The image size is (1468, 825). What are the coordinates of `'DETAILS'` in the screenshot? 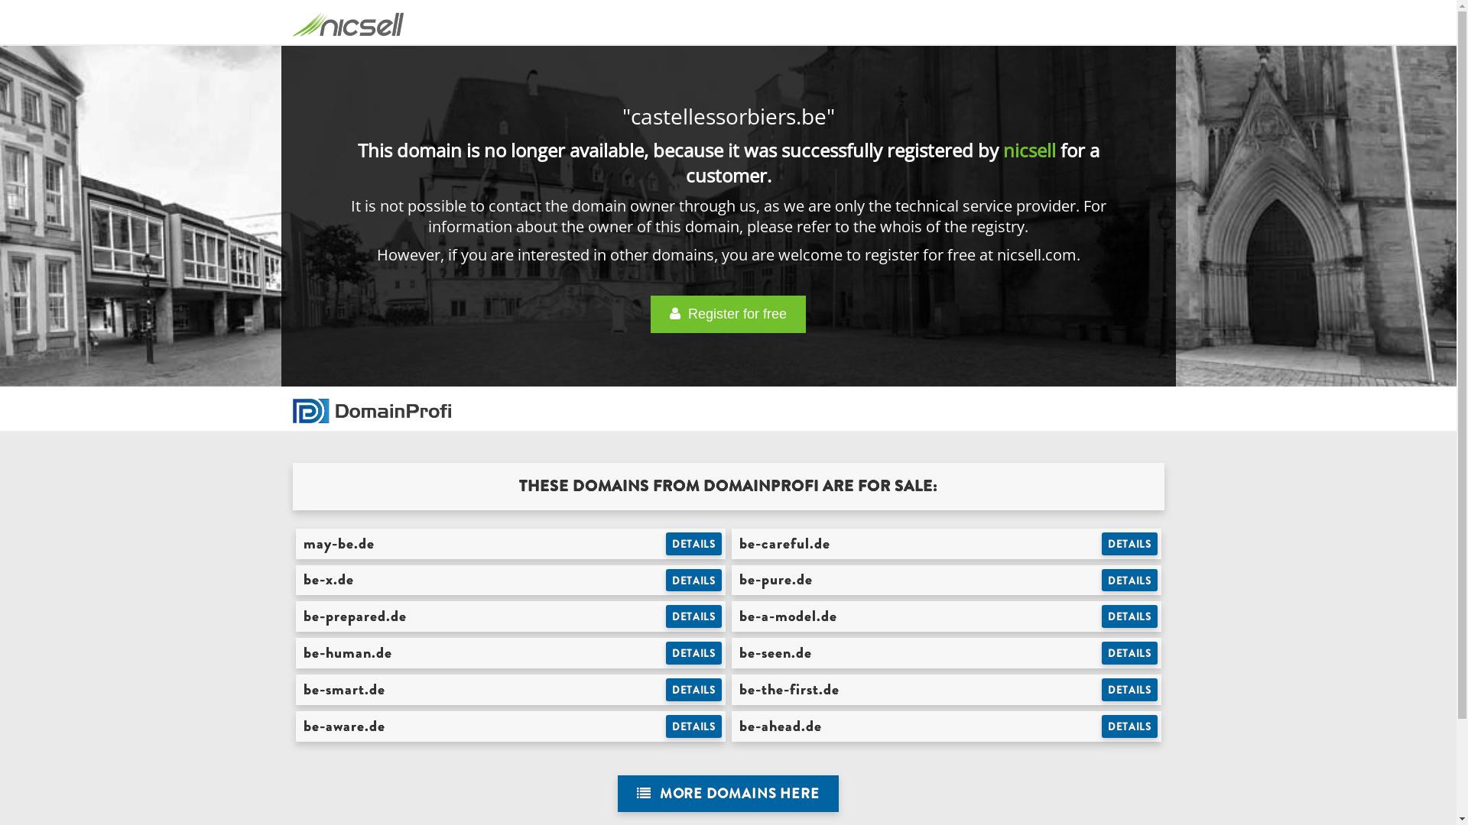 It's located at (693, 615).